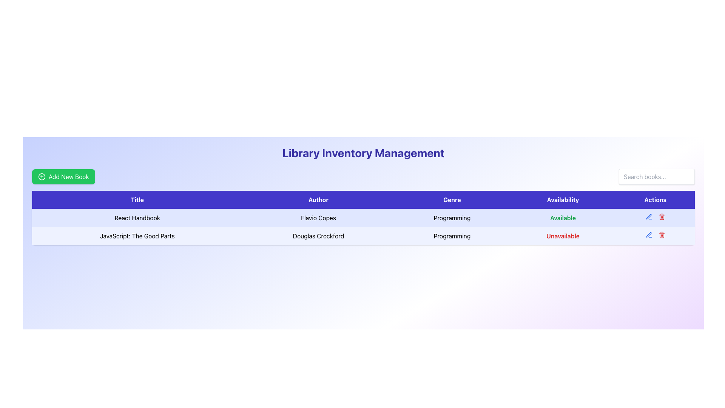 The image size is (725, 408). What do you see at coordinates (661, 234) in the screenshot?
I see `the red trash icon button in the Actions column of the second row of the table` at bounding box center [661, 234].